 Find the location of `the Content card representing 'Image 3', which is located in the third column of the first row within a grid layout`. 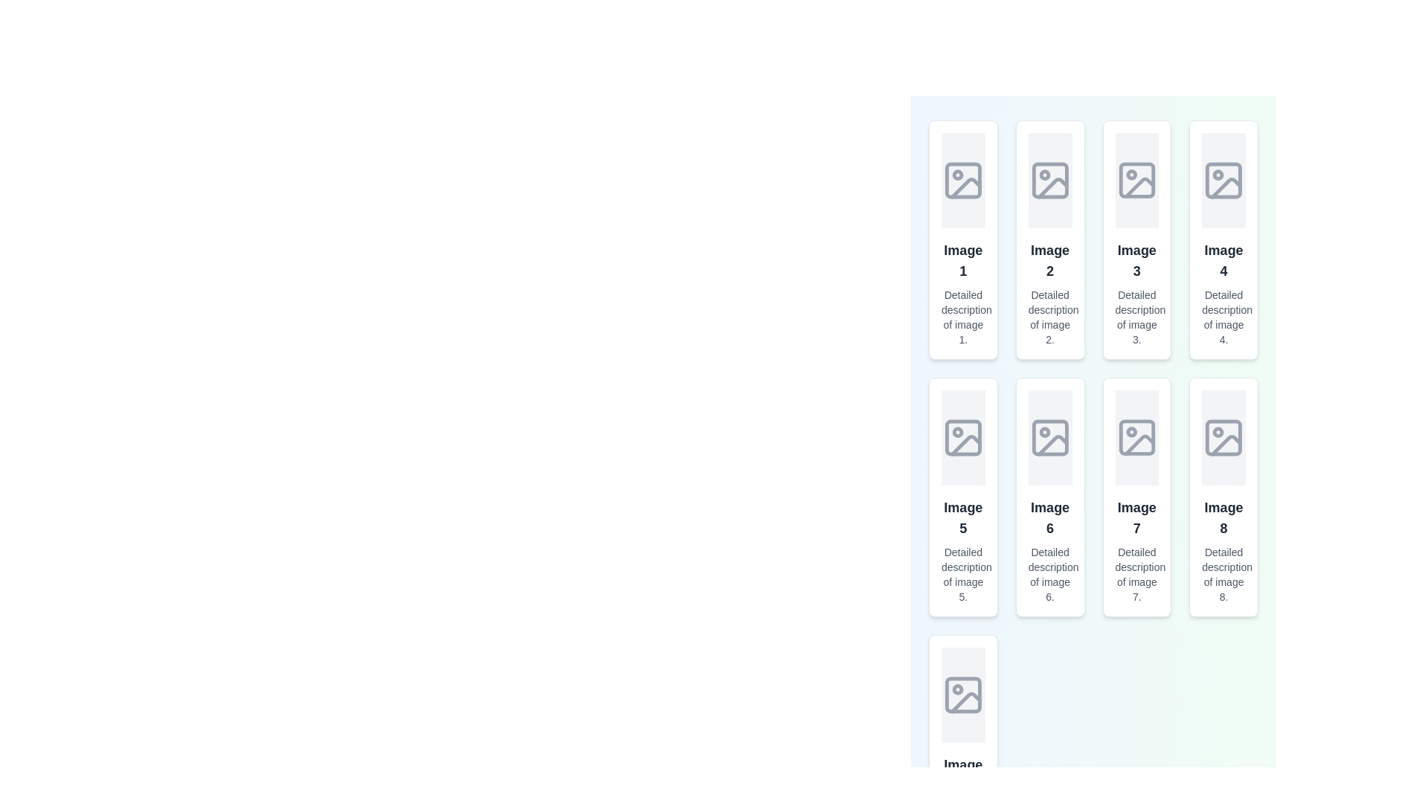

the Content card representing 'Image 3', which is located in the third column of the first row within a grid layout is located at coordinates (1136, 239).